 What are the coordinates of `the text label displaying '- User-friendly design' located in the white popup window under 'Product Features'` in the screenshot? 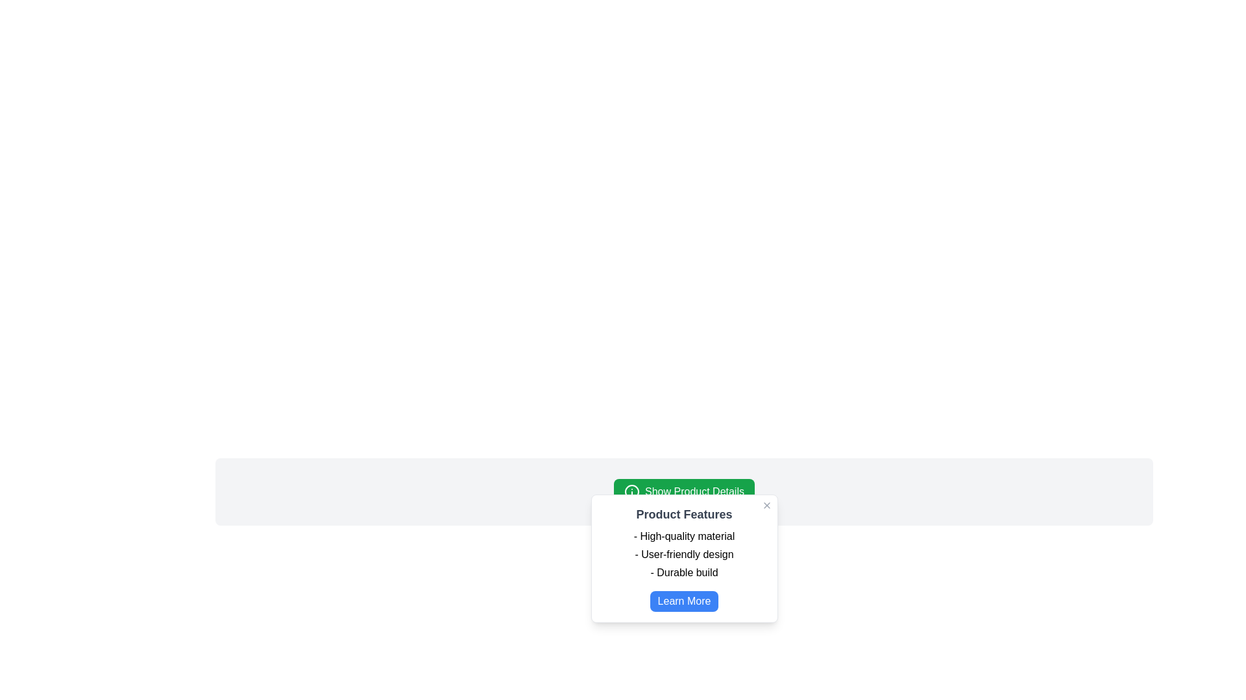 It's located at (683, 554).